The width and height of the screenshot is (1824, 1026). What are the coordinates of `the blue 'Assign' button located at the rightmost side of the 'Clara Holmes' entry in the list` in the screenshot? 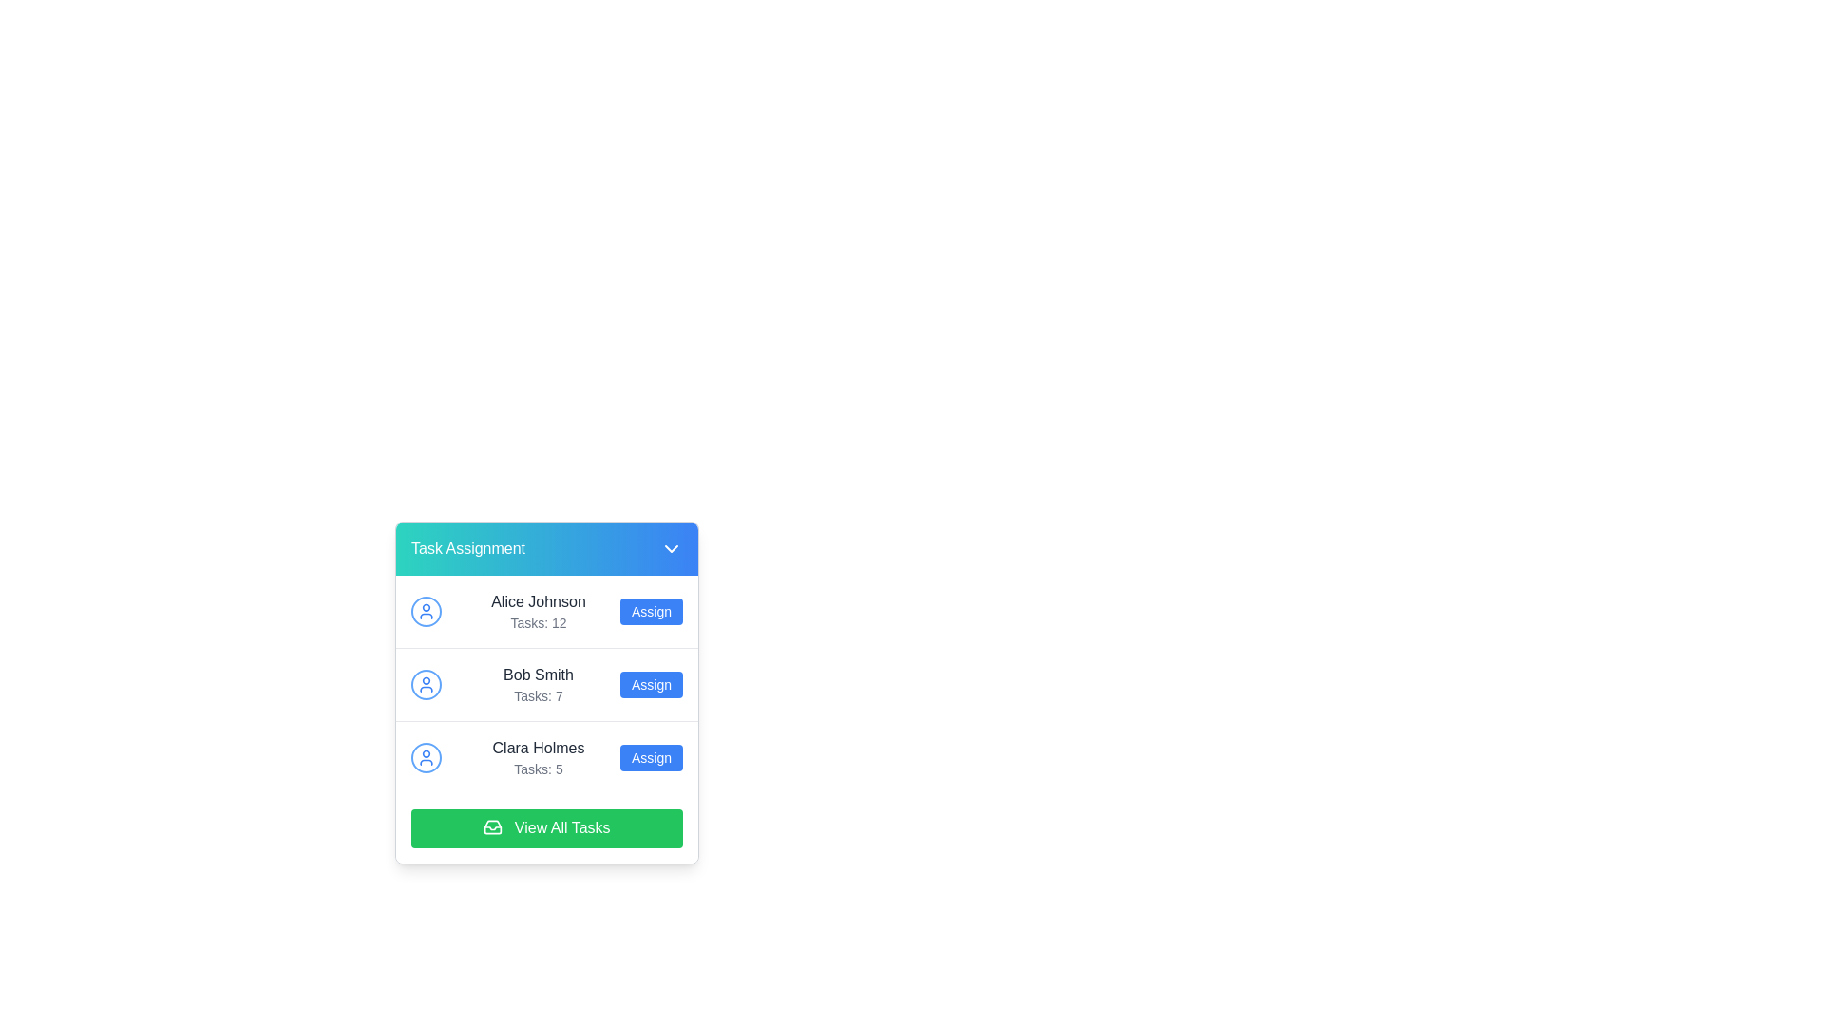 It's located at (652, 757).